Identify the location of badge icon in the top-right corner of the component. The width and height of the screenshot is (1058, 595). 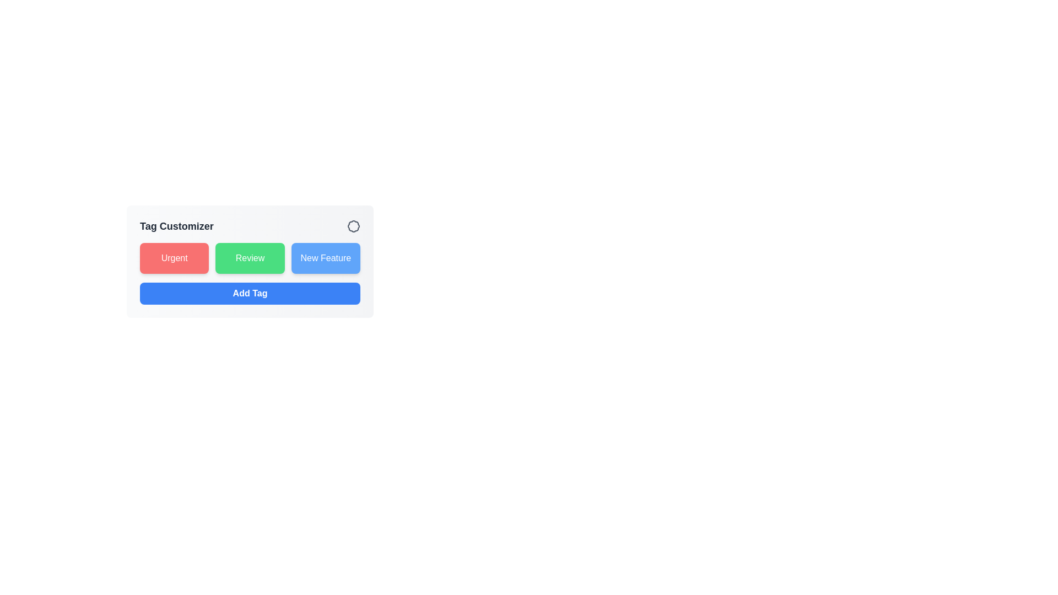
(354, 226).